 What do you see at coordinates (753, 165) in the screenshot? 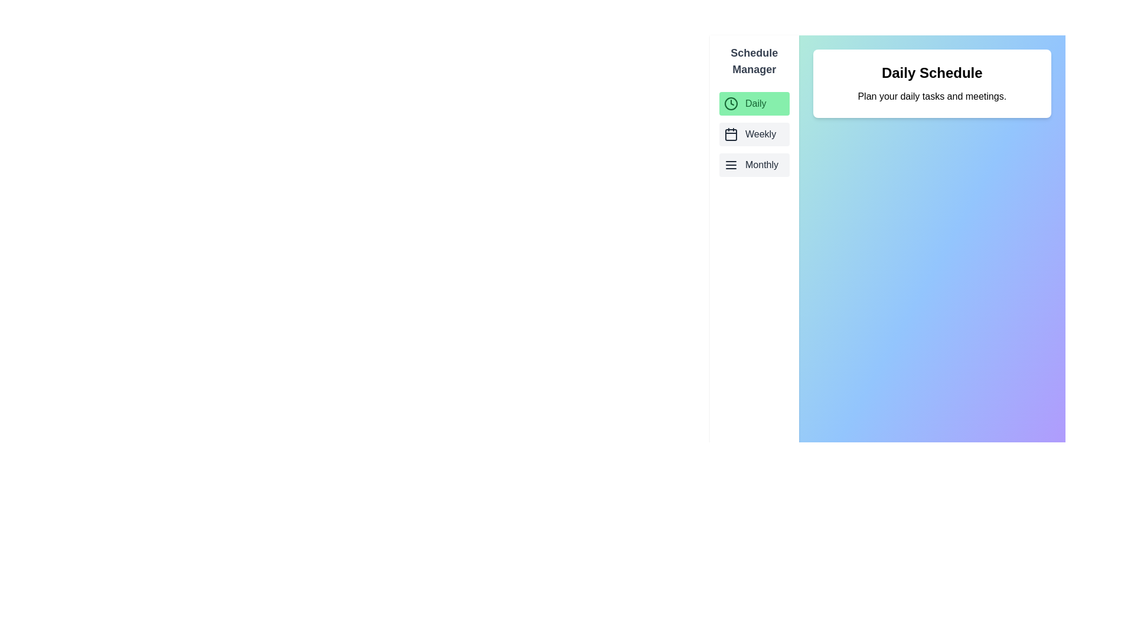
I see `the schedule Monthly from the list` at bounding box center [753, 165].